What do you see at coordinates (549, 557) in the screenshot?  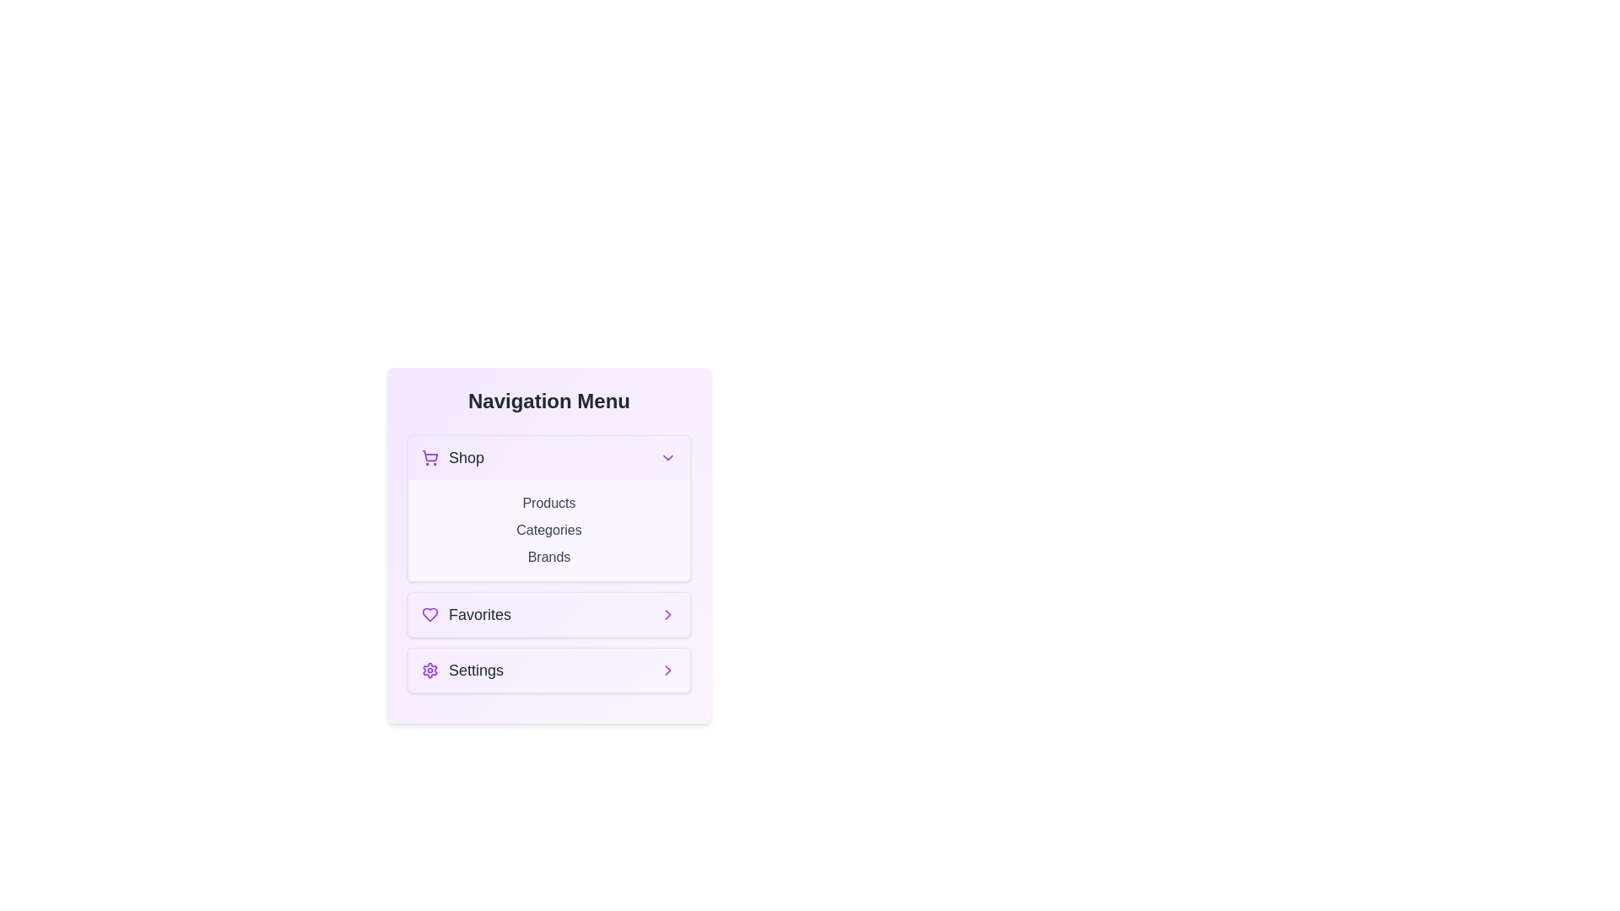 I see `the 'Brands' navigation link located as the third item in the vertical list under the 'Shop' category to change its style` at bounding box center [549, 557].